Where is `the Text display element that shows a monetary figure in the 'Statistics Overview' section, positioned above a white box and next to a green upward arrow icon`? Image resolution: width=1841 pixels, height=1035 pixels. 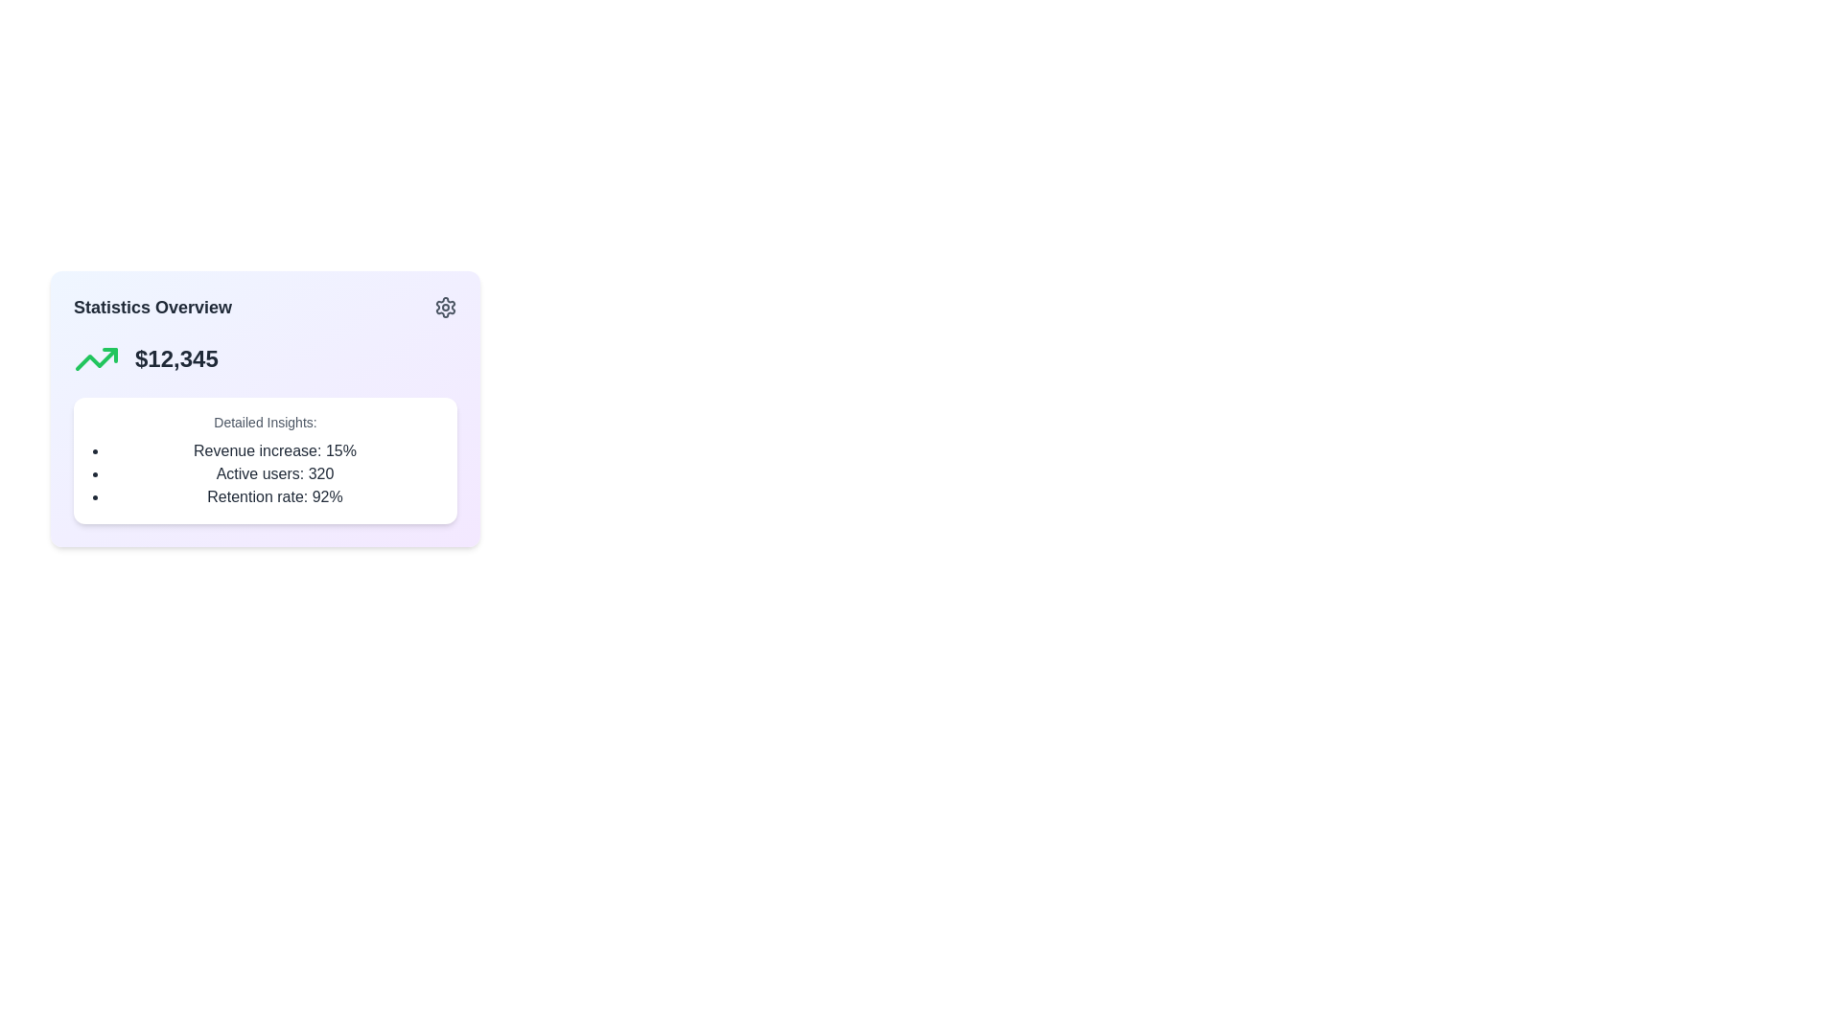
the Text display element that shows a monetary figure in the 'Statistics Overview' section, positioned above a white box and next to a green upward arrow icon is located at coordinates (176, 358).